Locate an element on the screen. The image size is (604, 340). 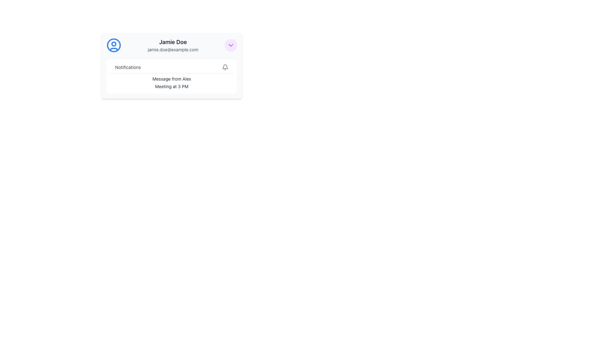
the static text display that reads 'Message from Alex', which is the first notification in the list is located at coordinates (172, 78).